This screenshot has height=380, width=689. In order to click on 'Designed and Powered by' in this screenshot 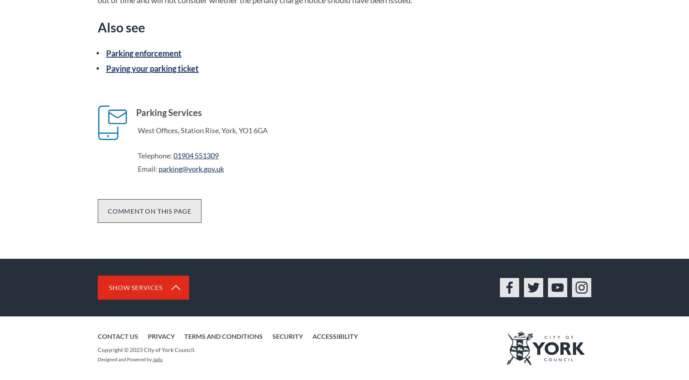, I will do `click(125, 358)`.